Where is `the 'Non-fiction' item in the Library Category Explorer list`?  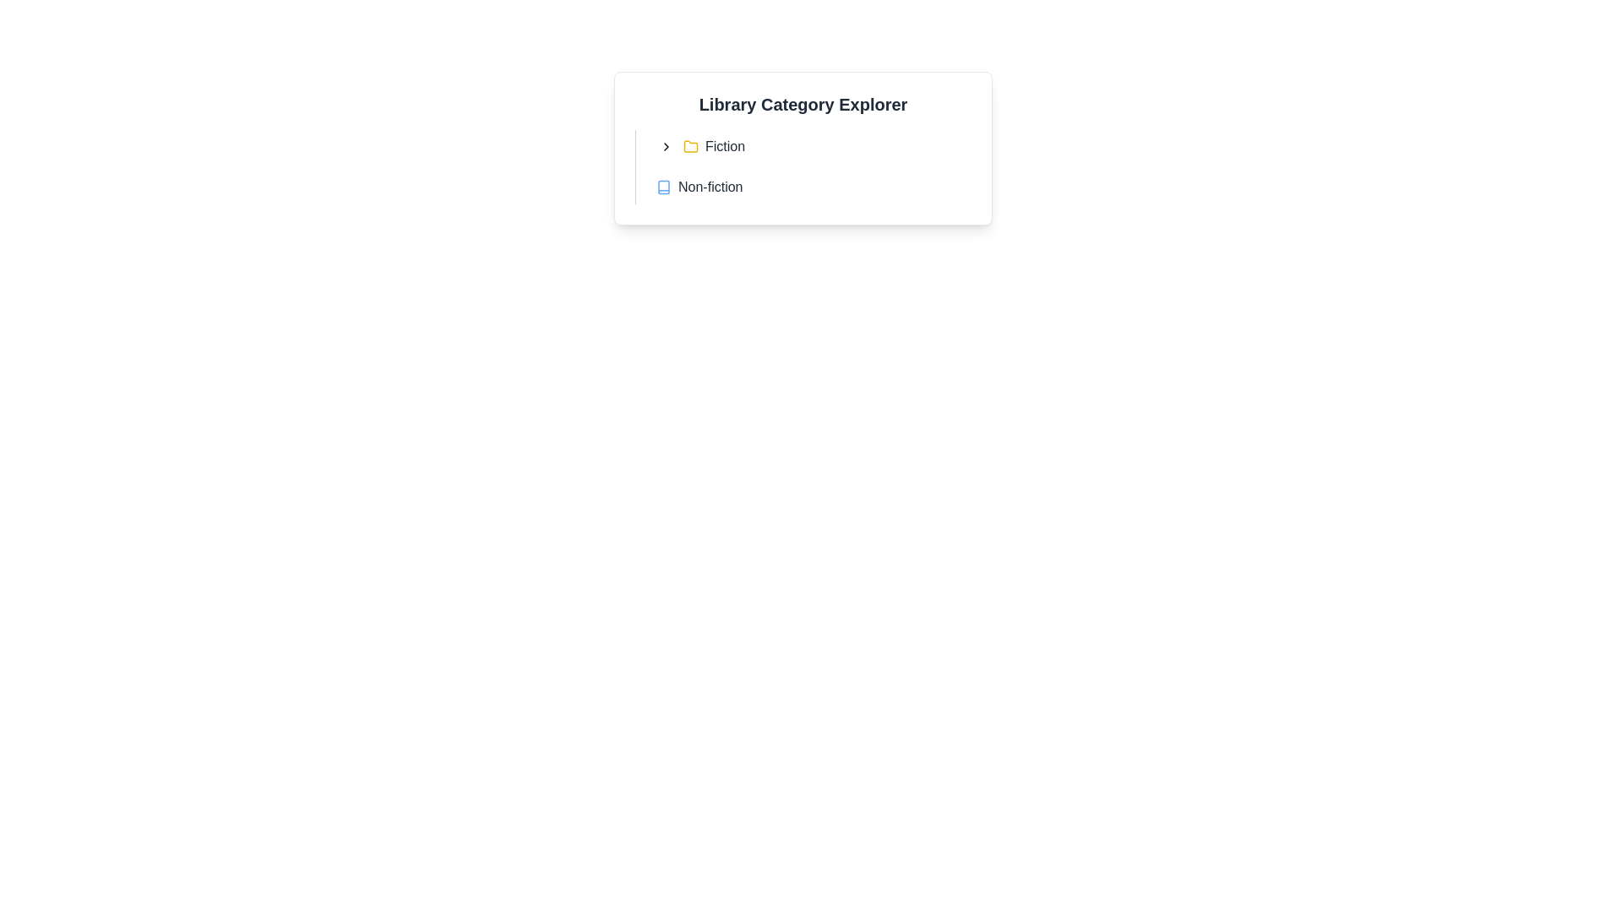 the 'Non-fiction' item in the Library Category Explorer list is located at coordinates (802, 166).